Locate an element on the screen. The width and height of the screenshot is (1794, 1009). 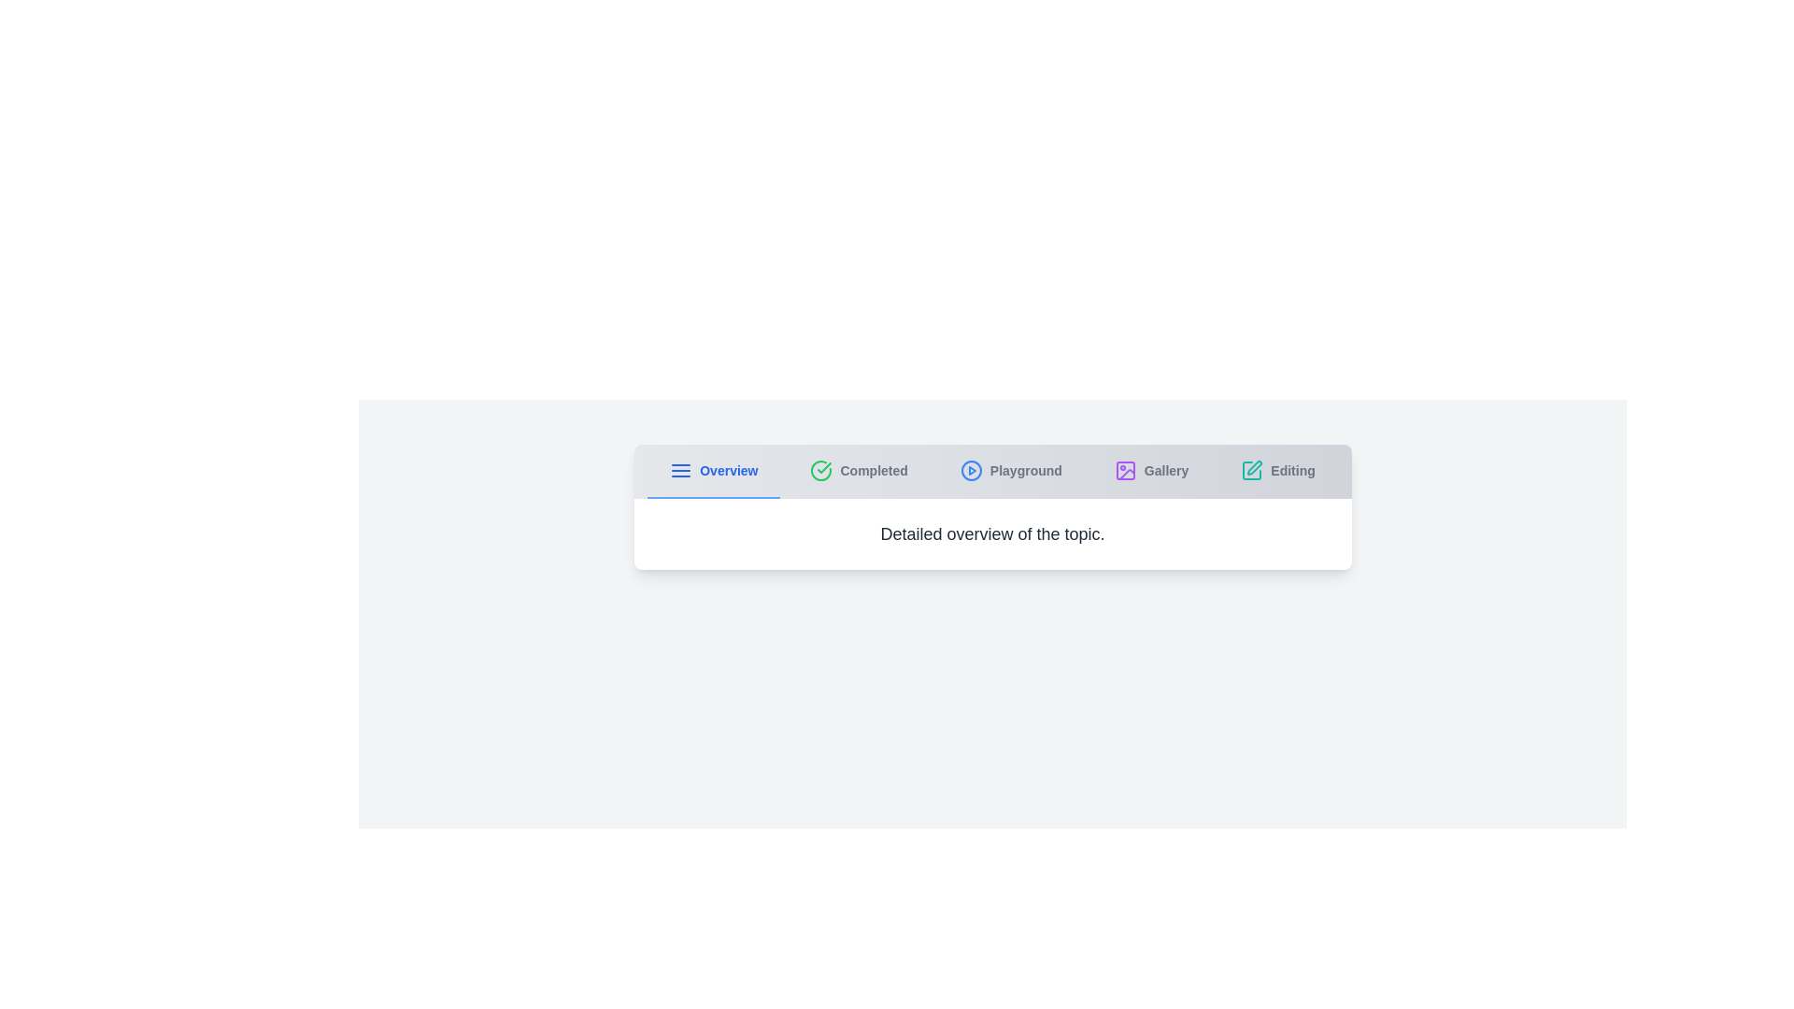
the tab labeled 'Editing' to view its content is located at coordinates (1277, 471).